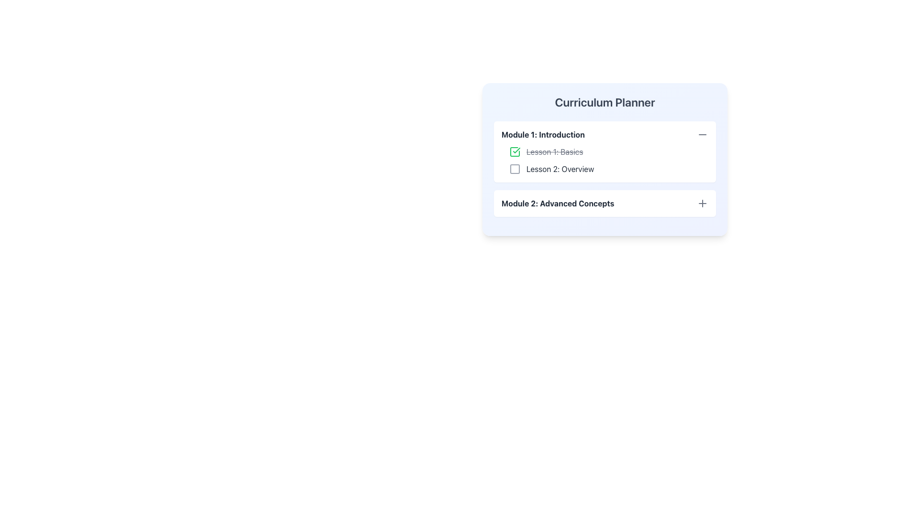  What do you see at coordinates (516, 150) in the screenshot?
I see `the completion icon located in 'Module 1: Introduction', immediately left of the text 'Lesson 1: Basics'` at bounding box center [516, 150].